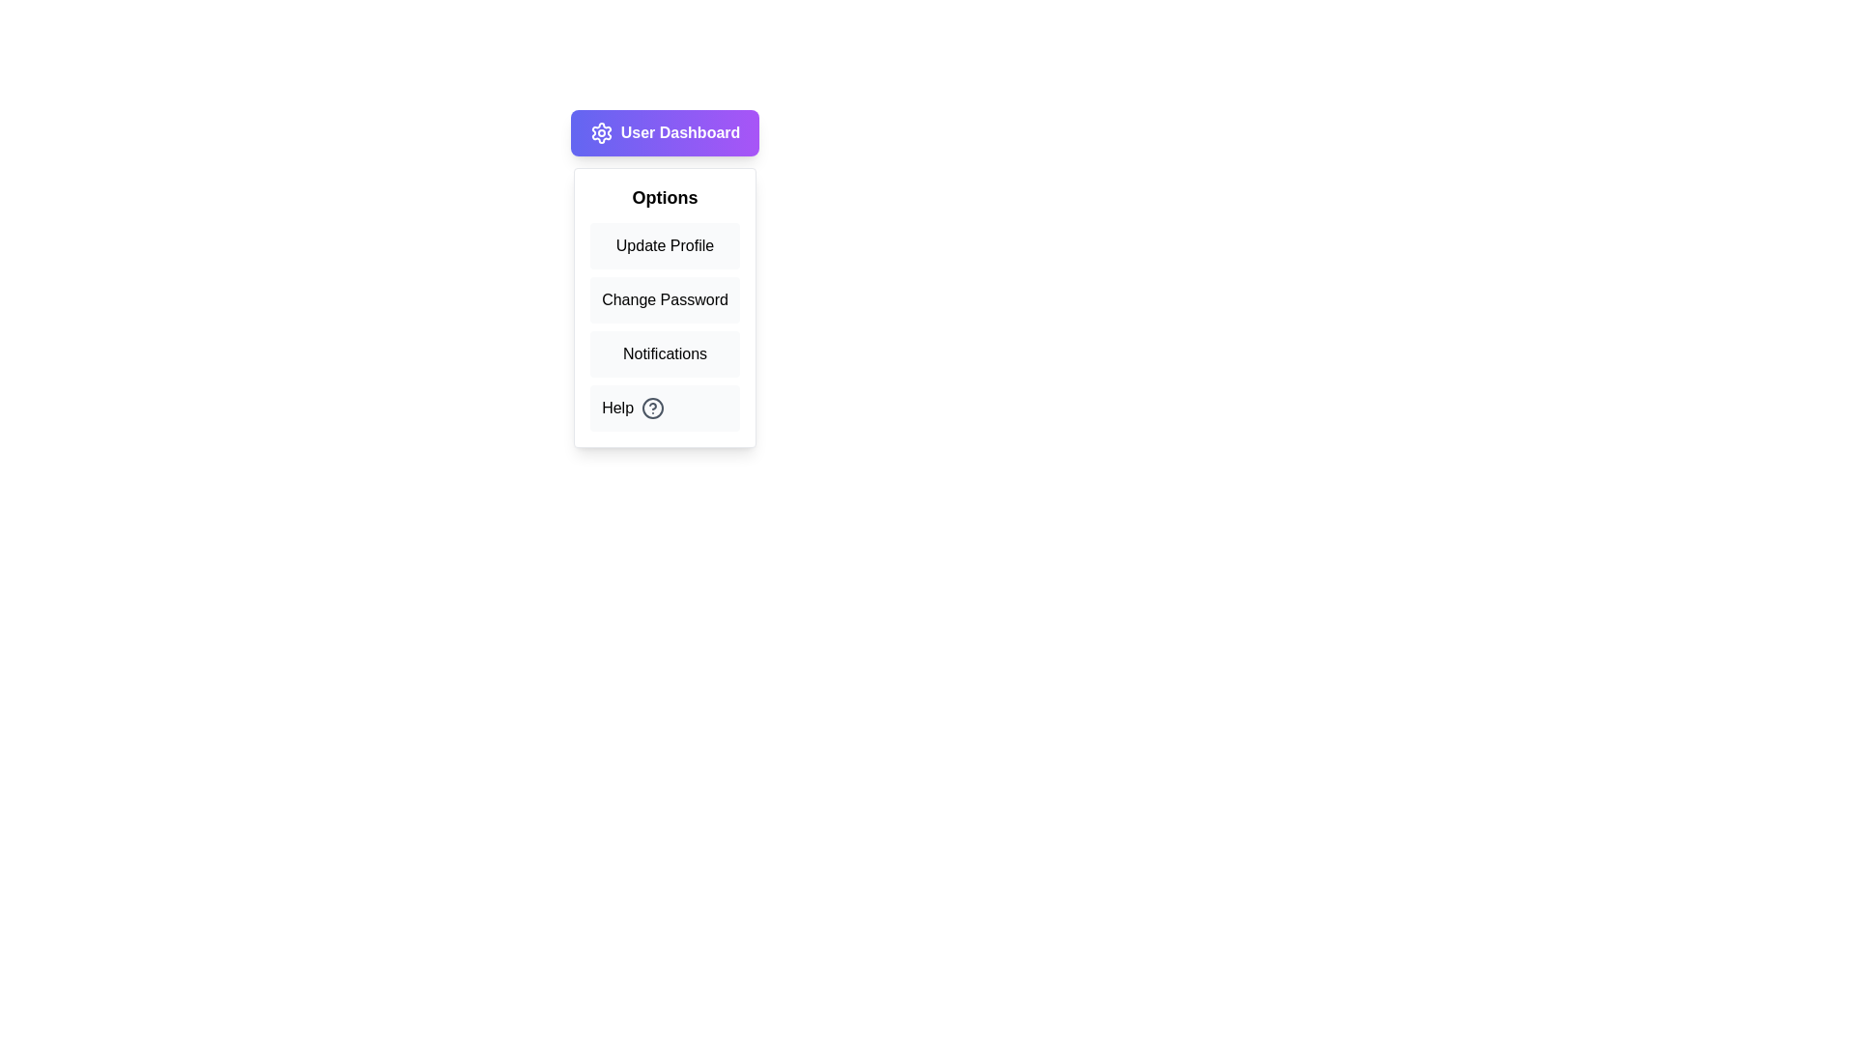 The image size is (1855, 1043). Describe the element at coordinates (665, 408) in the screenshot. I see `the menu option Help from the User Dashboard Menu` at that location.